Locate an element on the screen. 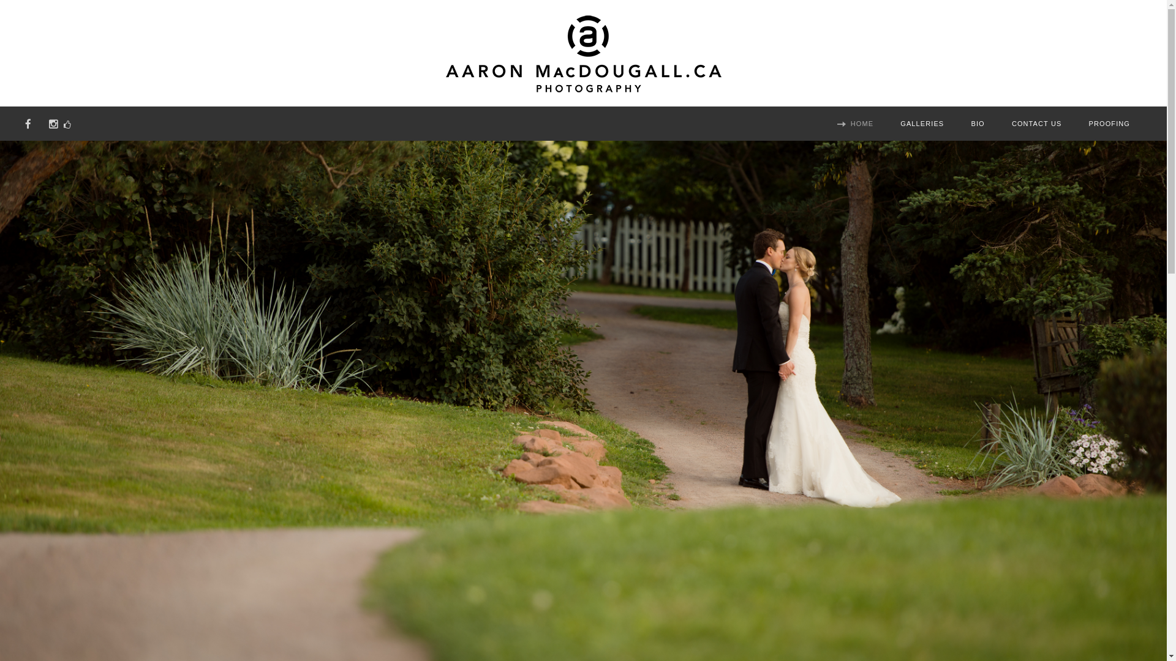 Image resolution: width=1176 pixels, height=661 pixels. 'CONTACT US' is located at coordinates (1000, 125).